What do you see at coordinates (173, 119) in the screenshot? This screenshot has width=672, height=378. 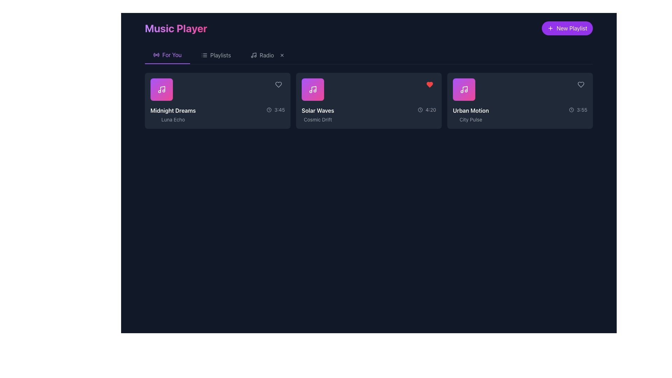 I see `the static text label 'Luna Echo', which is styled in gray and located below the title 'Midnight Dreams' in the music item card` at bounding box center [173, 119].